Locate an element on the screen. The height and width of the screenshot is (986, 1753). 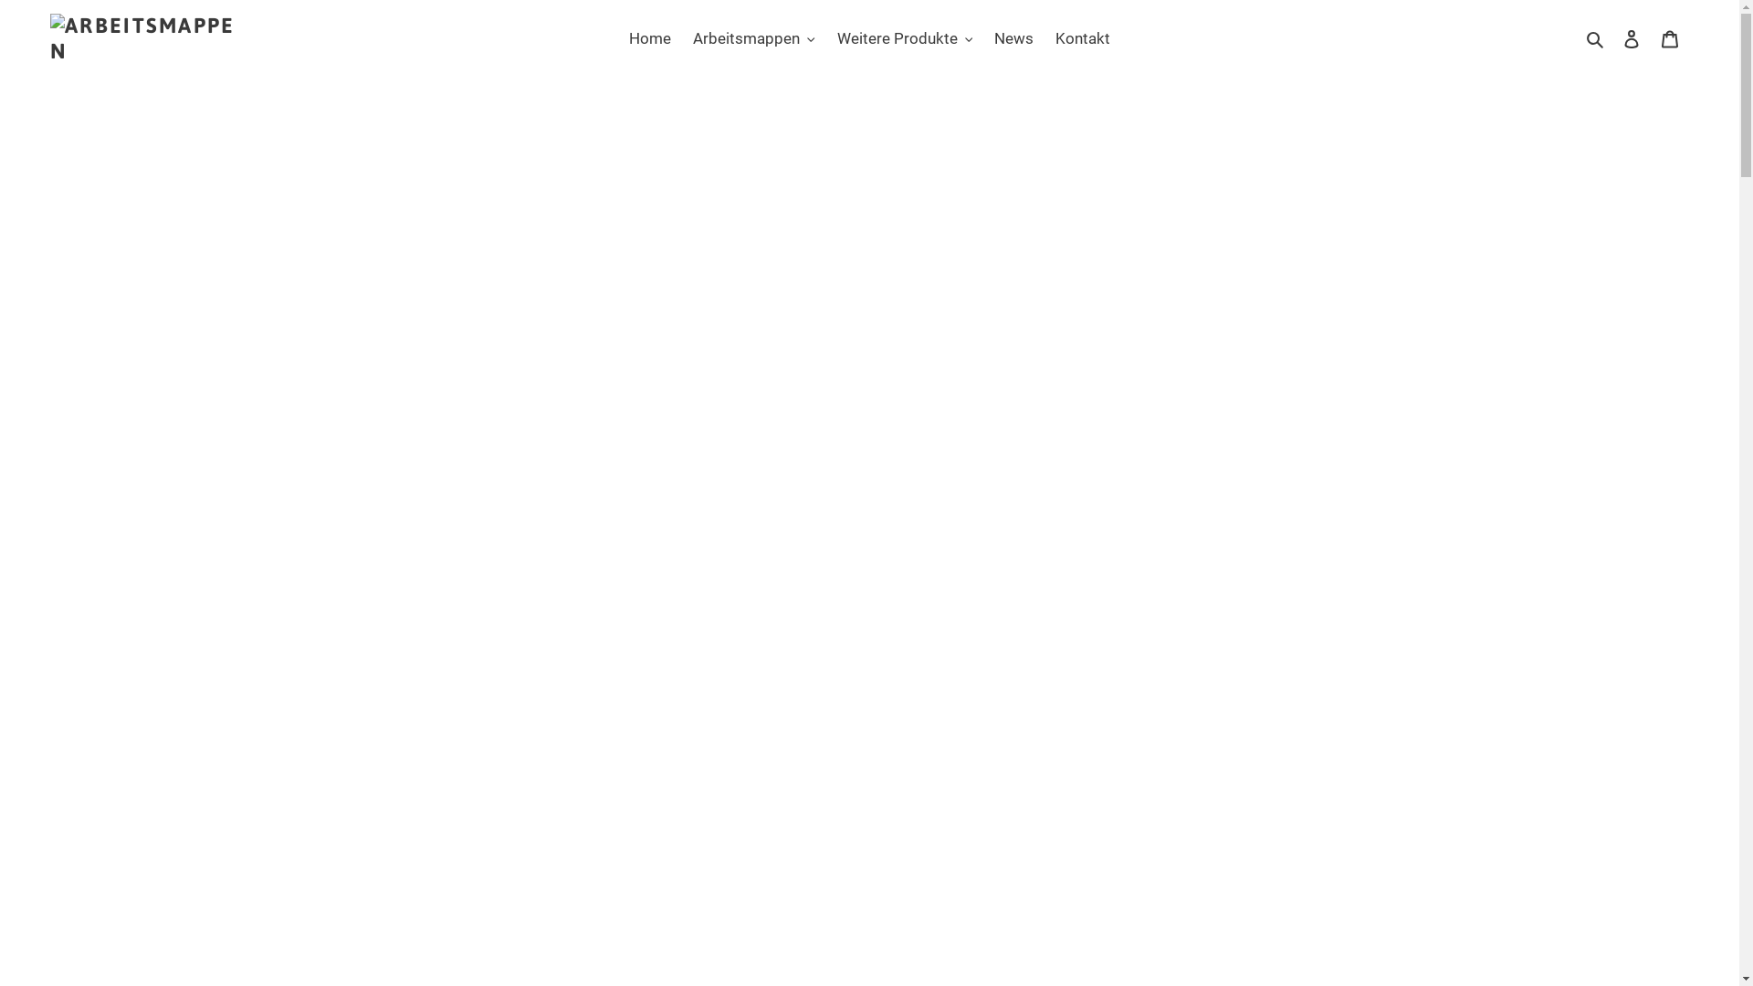
'Home' is located at coordinates (649, 38).